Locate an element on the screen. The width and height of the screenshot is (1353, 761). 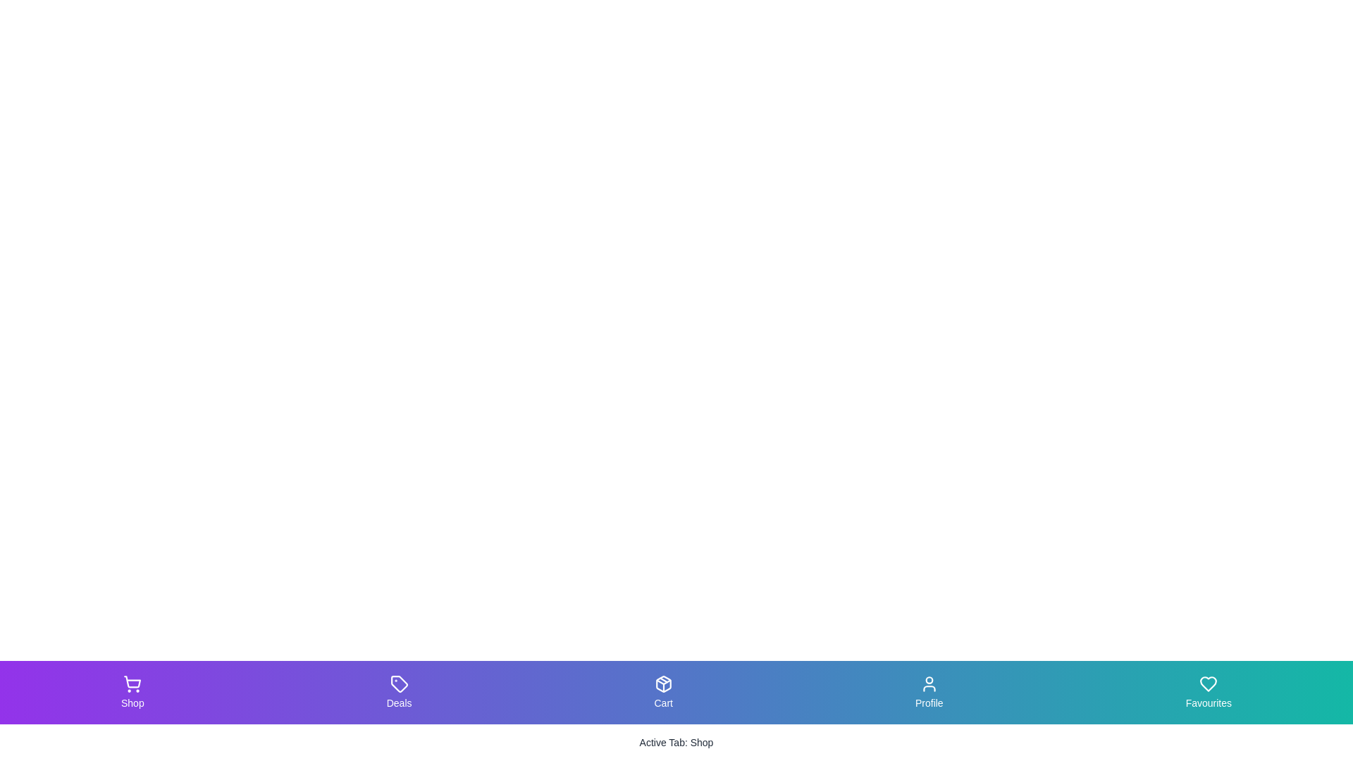
the tab labeled Cart to view its hover effect is located at coordinates (662, 692).